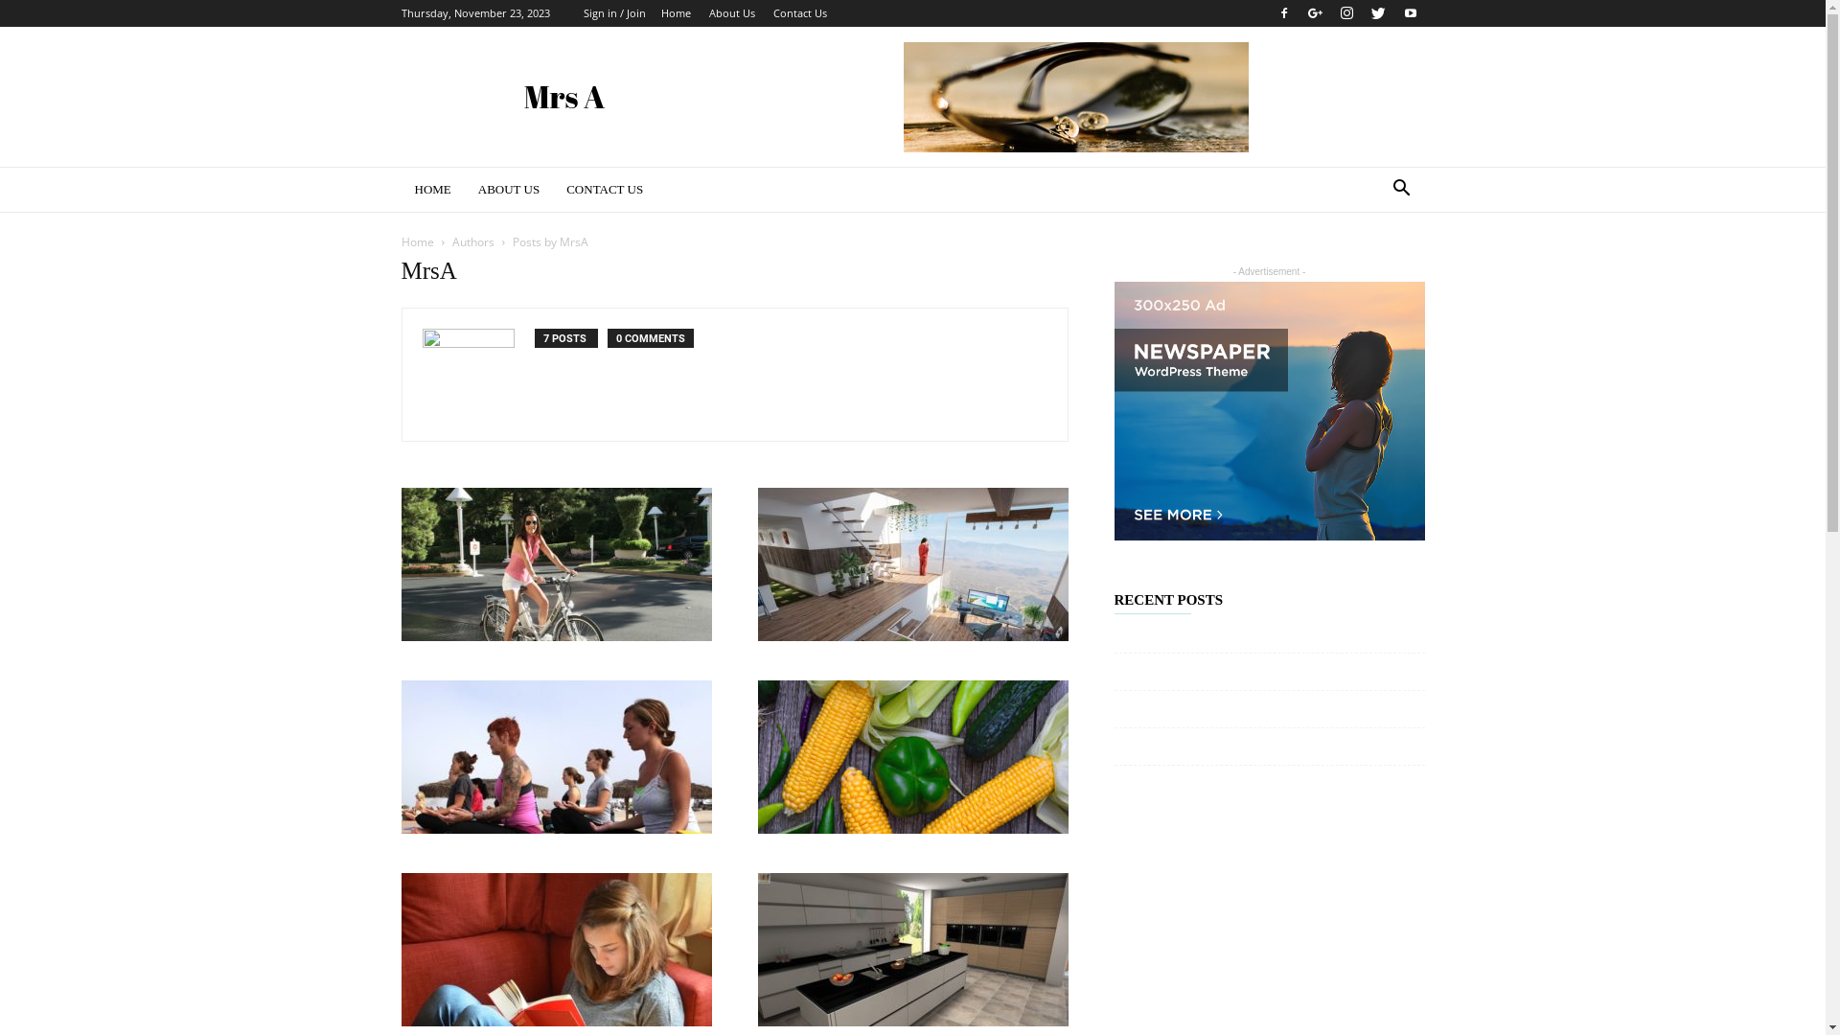 The image size is (1840, 1035). What do you see at coordinates (1409, 13) in the screenshot?
I see `'Youtube'` at bounding box center [1409, 13].